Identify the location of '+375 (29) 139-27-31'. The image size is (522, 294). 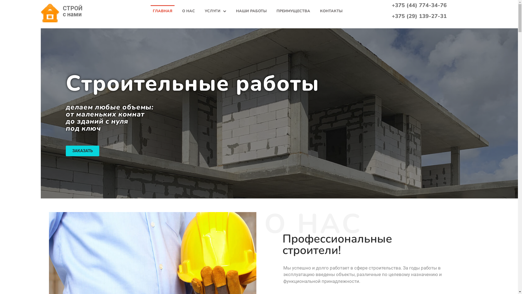
(419, 16).